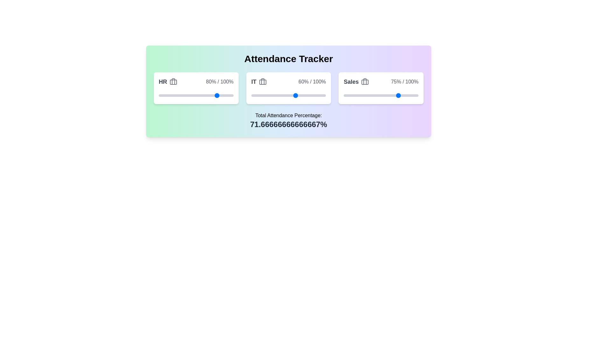  I want to click on the slider value, so click(299, 96).